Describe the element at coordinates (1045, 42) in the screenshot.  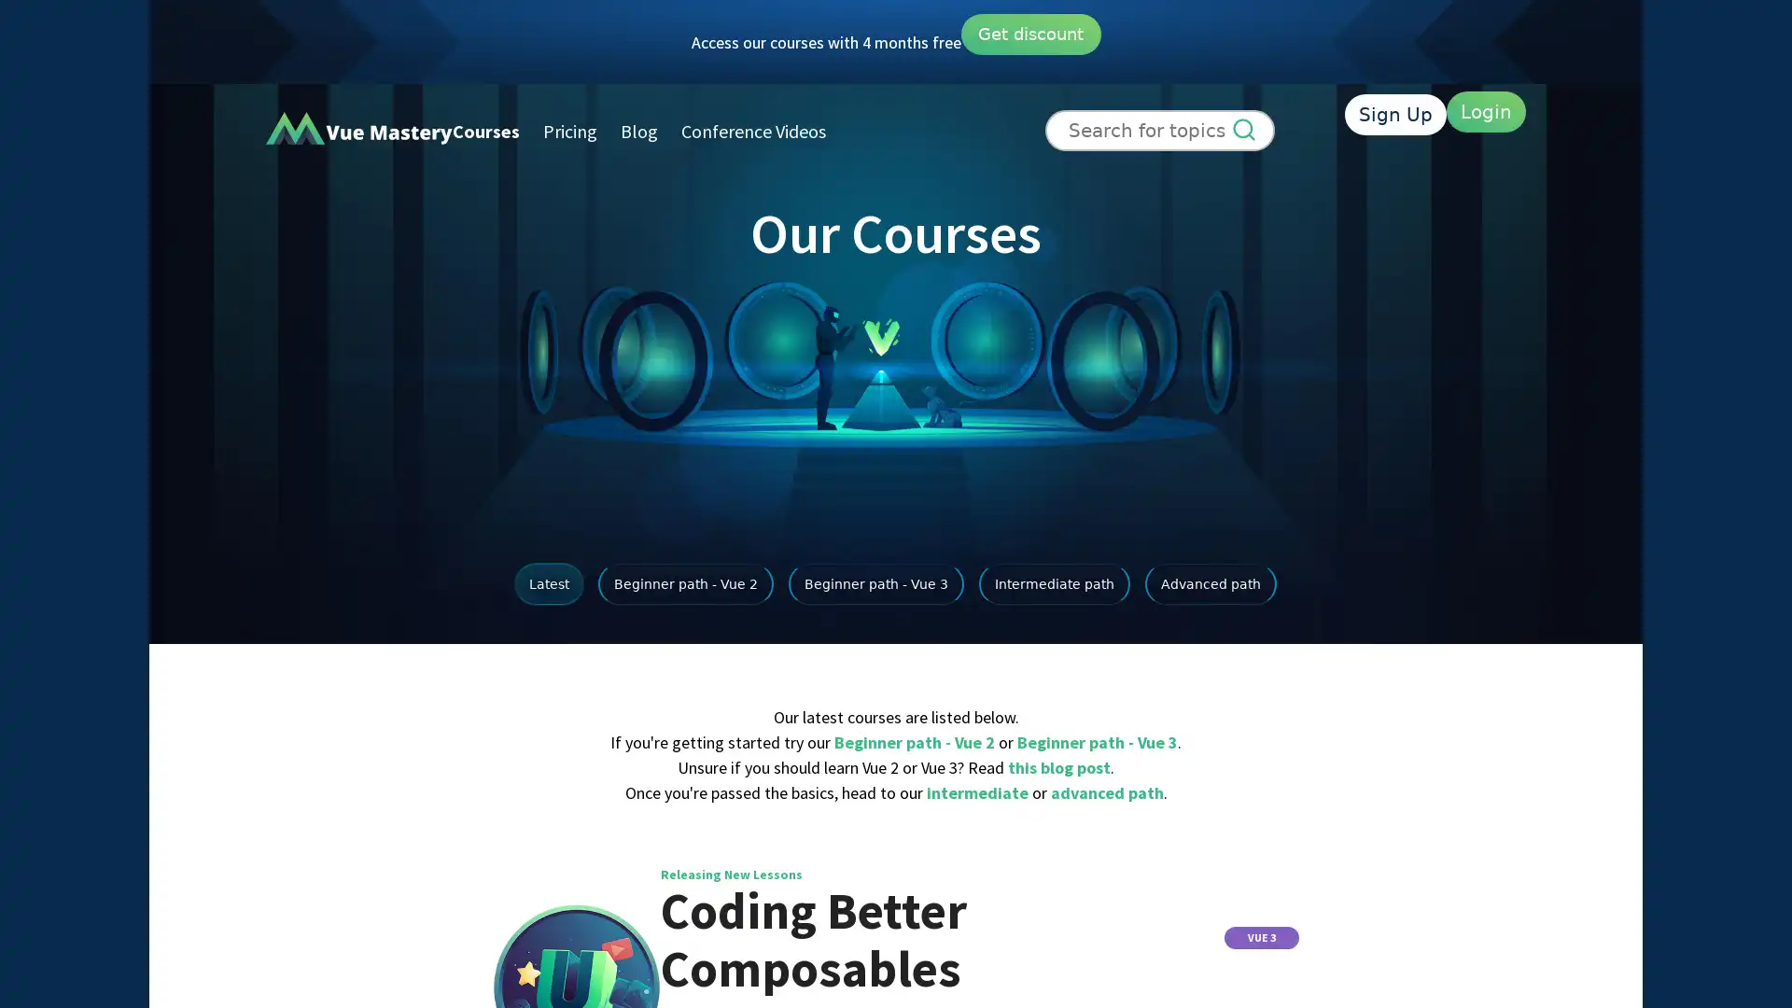
I see `Get discount` at that location.